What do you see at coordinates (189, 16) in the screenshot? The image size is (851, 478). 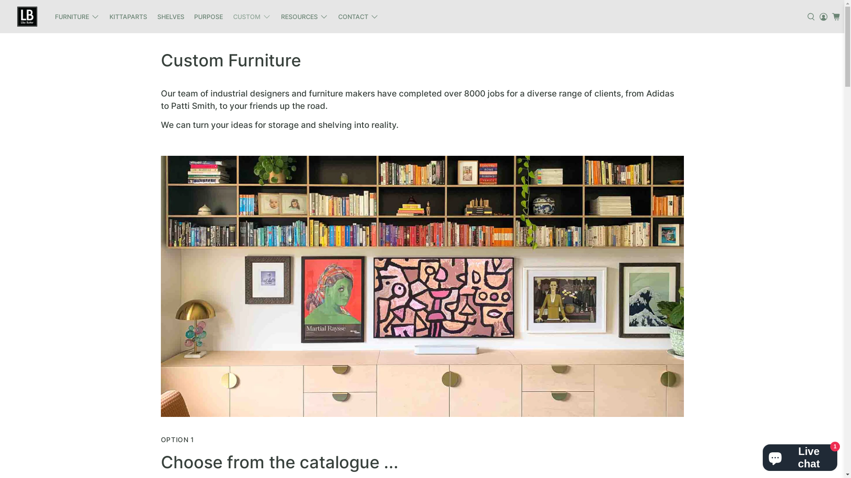 I see `'PURPOSE'` at bounding box center [189, 16].